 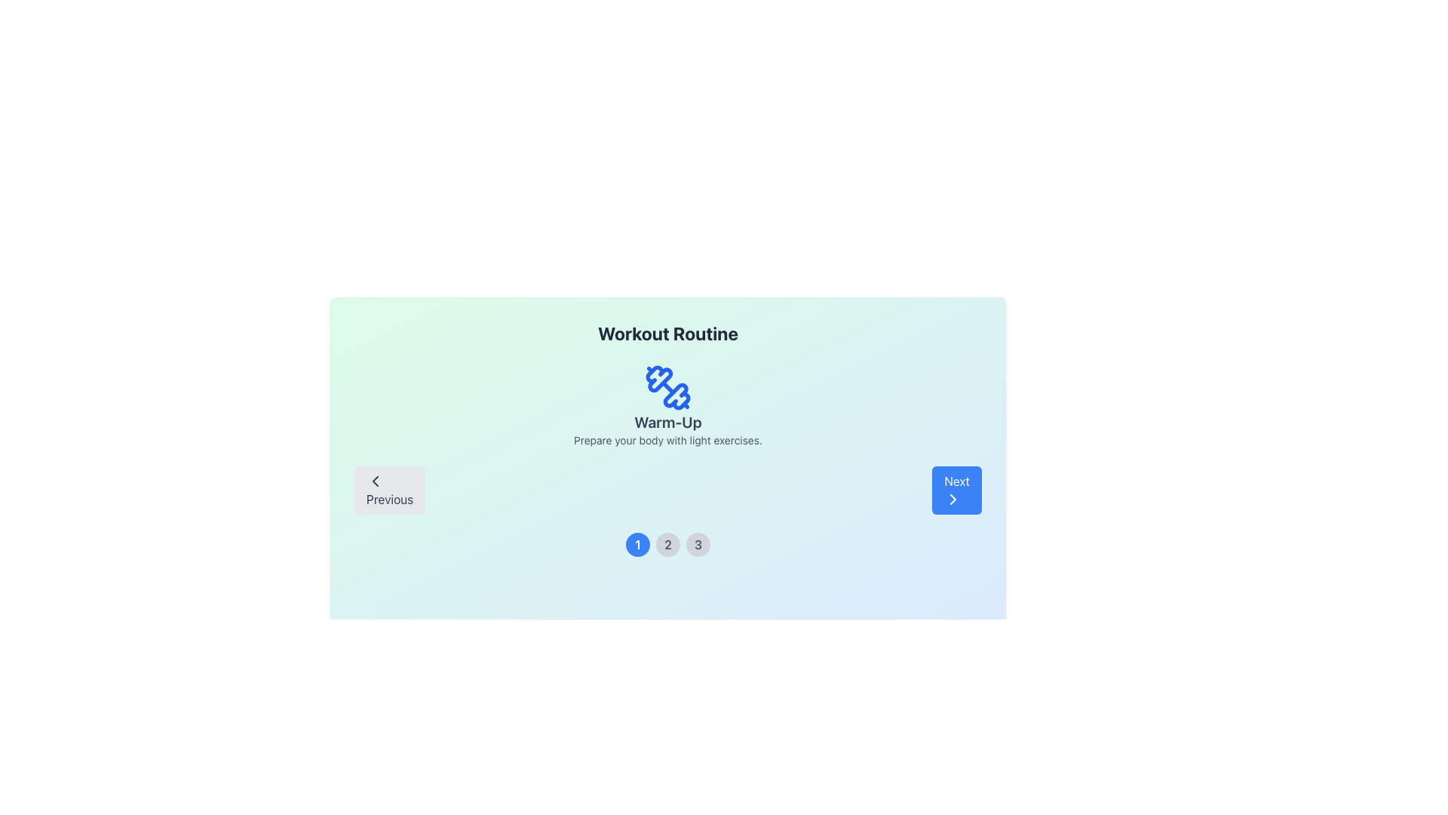 I want to click on the triangular chevron icon pointing right, which is located within a blue navigation button labeled 'Next' at the bottom-right corner of the main content area, so click(x=953, y=500).